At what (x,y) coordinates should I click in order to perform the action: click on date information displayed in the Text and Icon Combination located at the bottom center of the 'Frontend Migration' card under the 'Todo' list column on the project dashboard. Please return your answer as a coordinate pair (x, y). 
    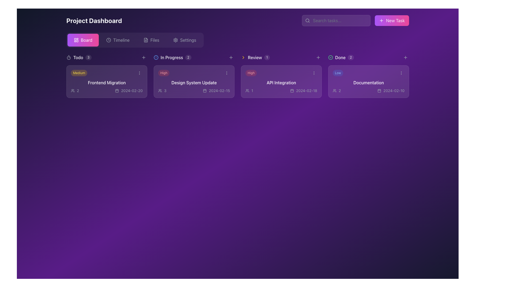
    Looking at the image, I should click on (129, 90).